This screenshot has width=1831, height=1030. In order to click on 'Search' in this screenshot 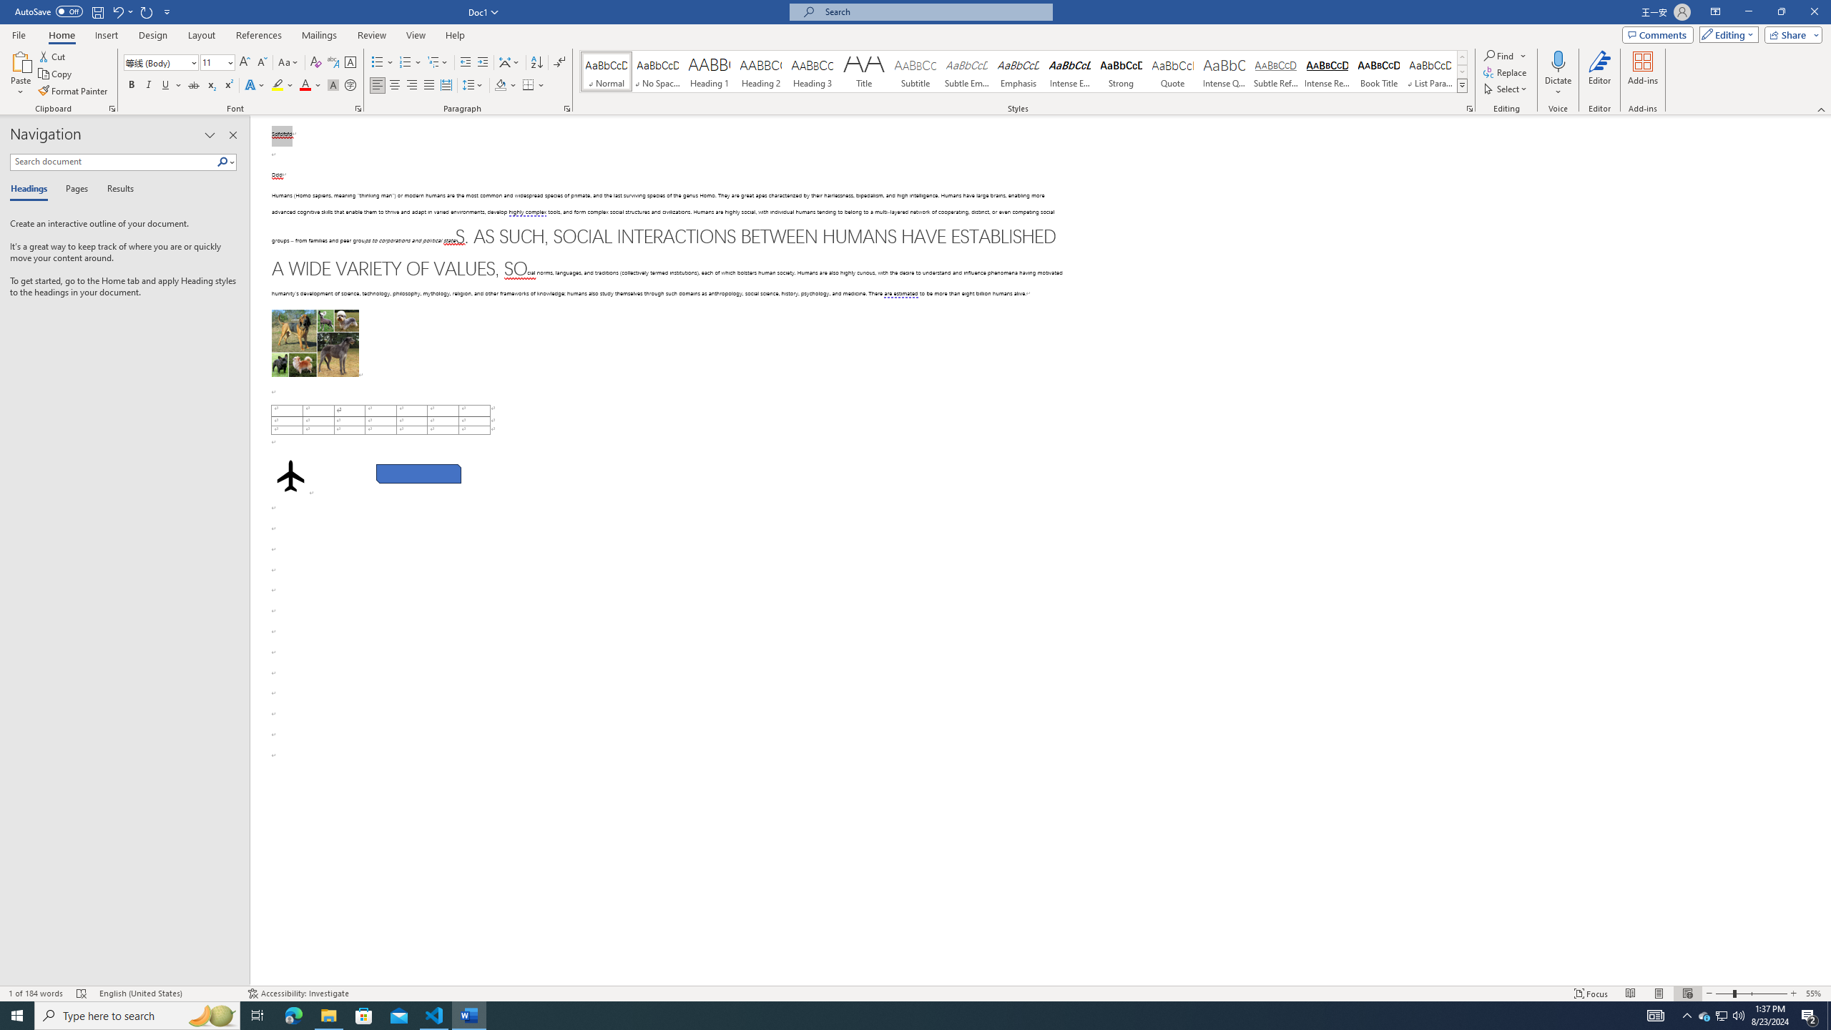, I will do `click(222, 161)`.